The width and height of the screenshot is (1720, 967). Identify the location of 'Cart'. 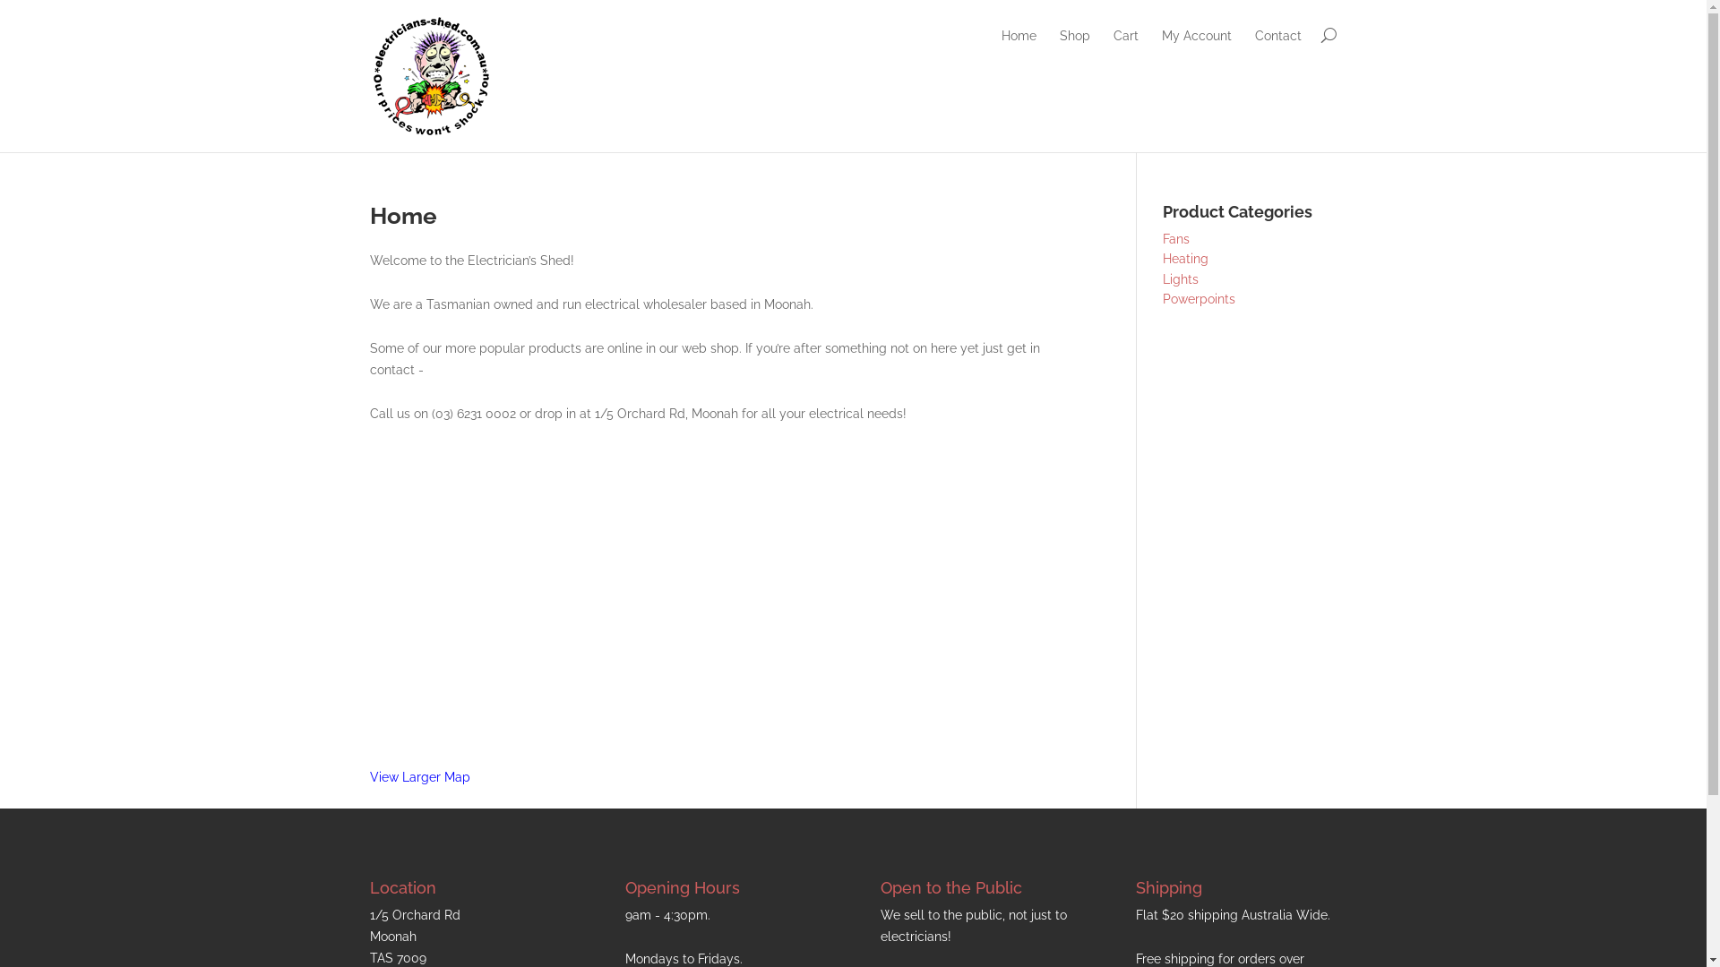
(1124, 47).